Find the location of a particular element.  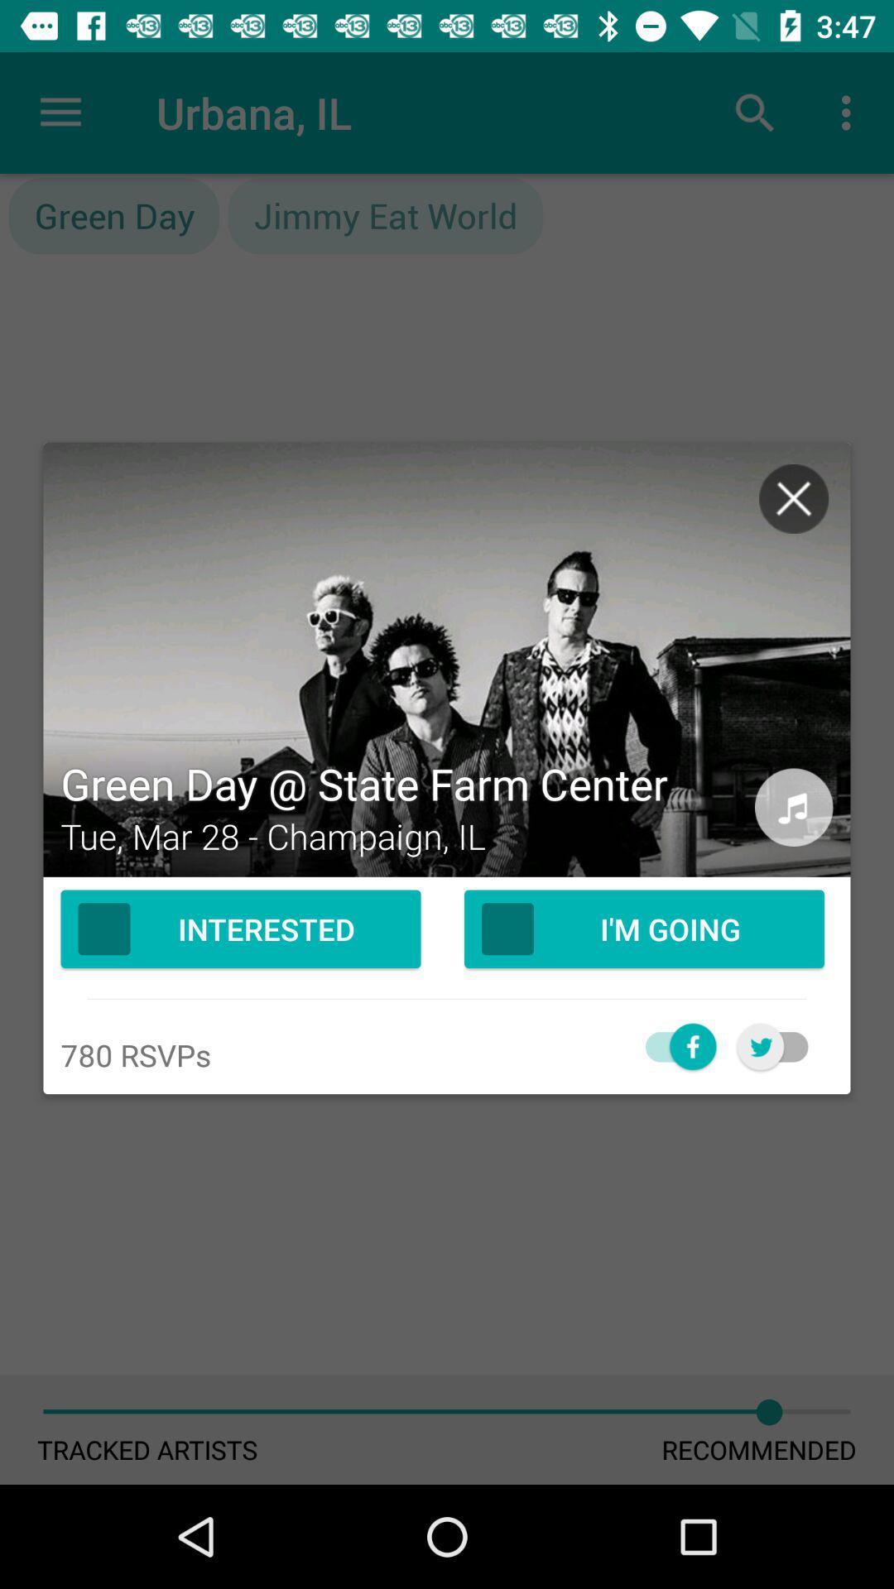

facebook is on is located at coordinates (671, 1045).